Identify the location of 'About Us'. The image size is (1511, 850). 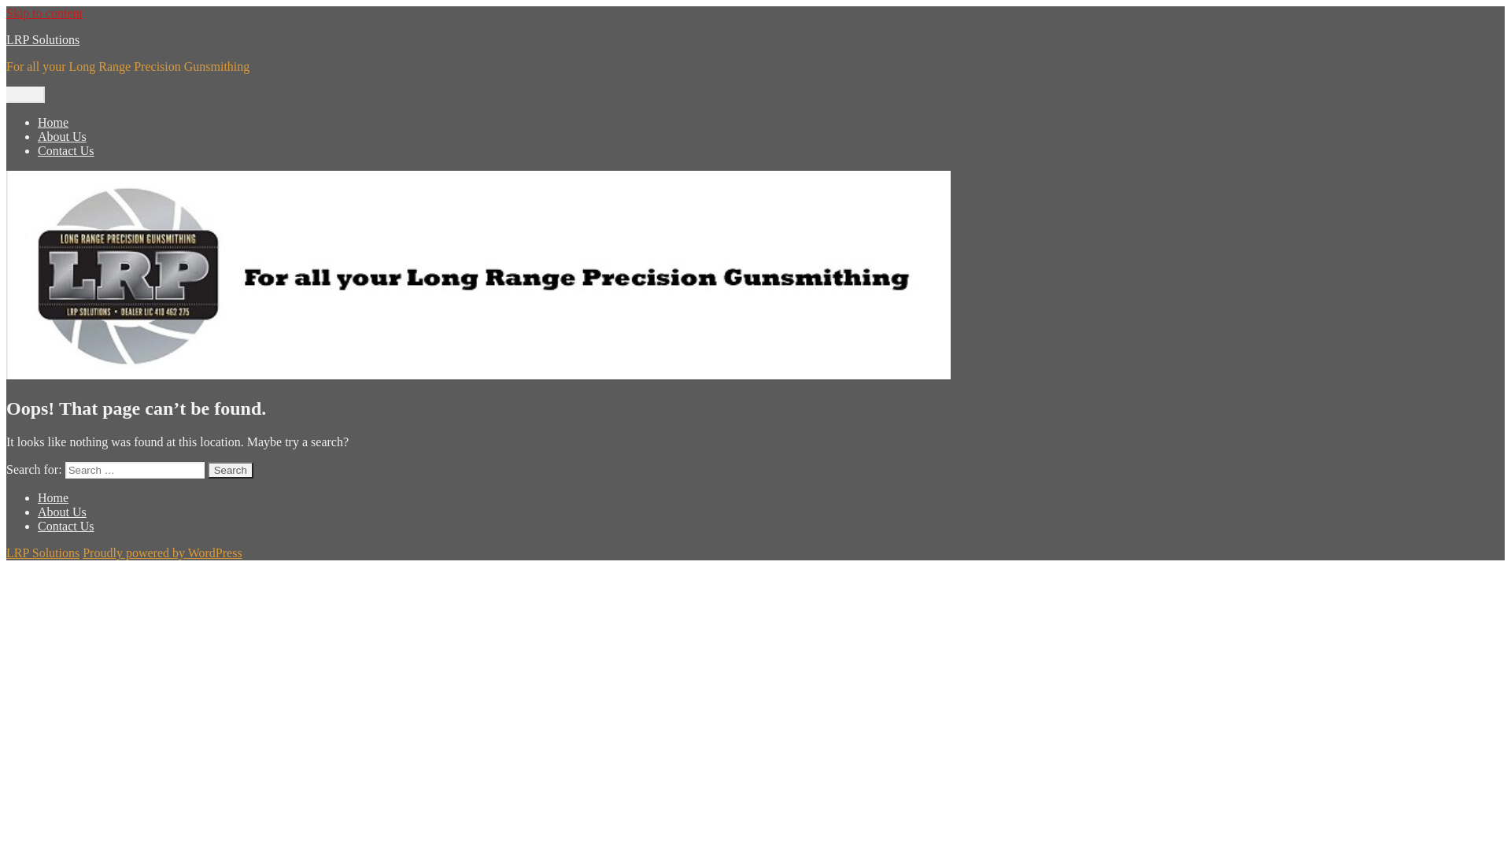
(61, 135).